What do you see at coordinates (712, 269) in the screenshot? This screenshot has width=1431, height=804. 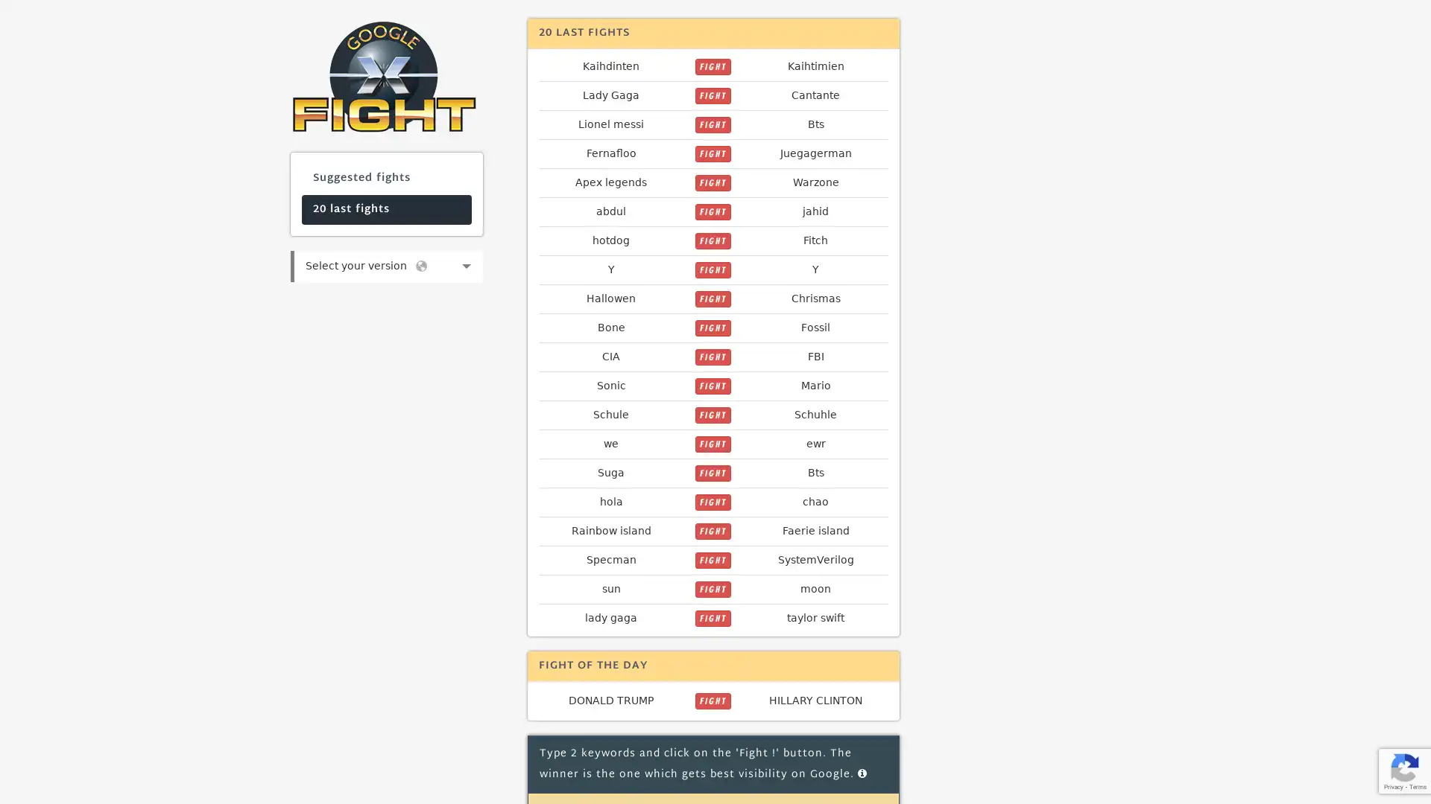 I see `FIGHT` at bounding box center [712, 269].